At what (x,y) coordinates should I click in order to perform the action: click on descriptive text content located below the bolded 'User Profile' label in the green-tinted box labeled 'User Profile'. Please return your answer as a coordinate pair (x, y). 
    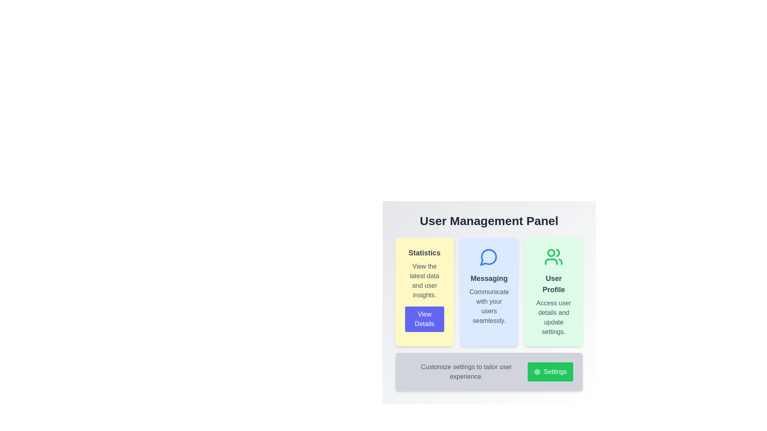
    Looking at the image, I should click on (553, 317).